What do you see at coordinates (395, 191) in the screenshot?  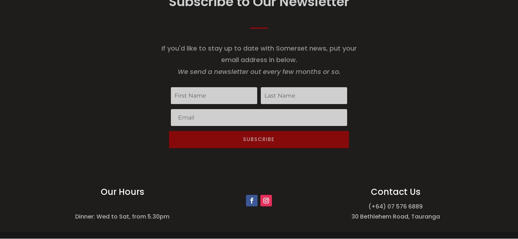 I see `'Contact Us'` at bounding box center [395, 191].